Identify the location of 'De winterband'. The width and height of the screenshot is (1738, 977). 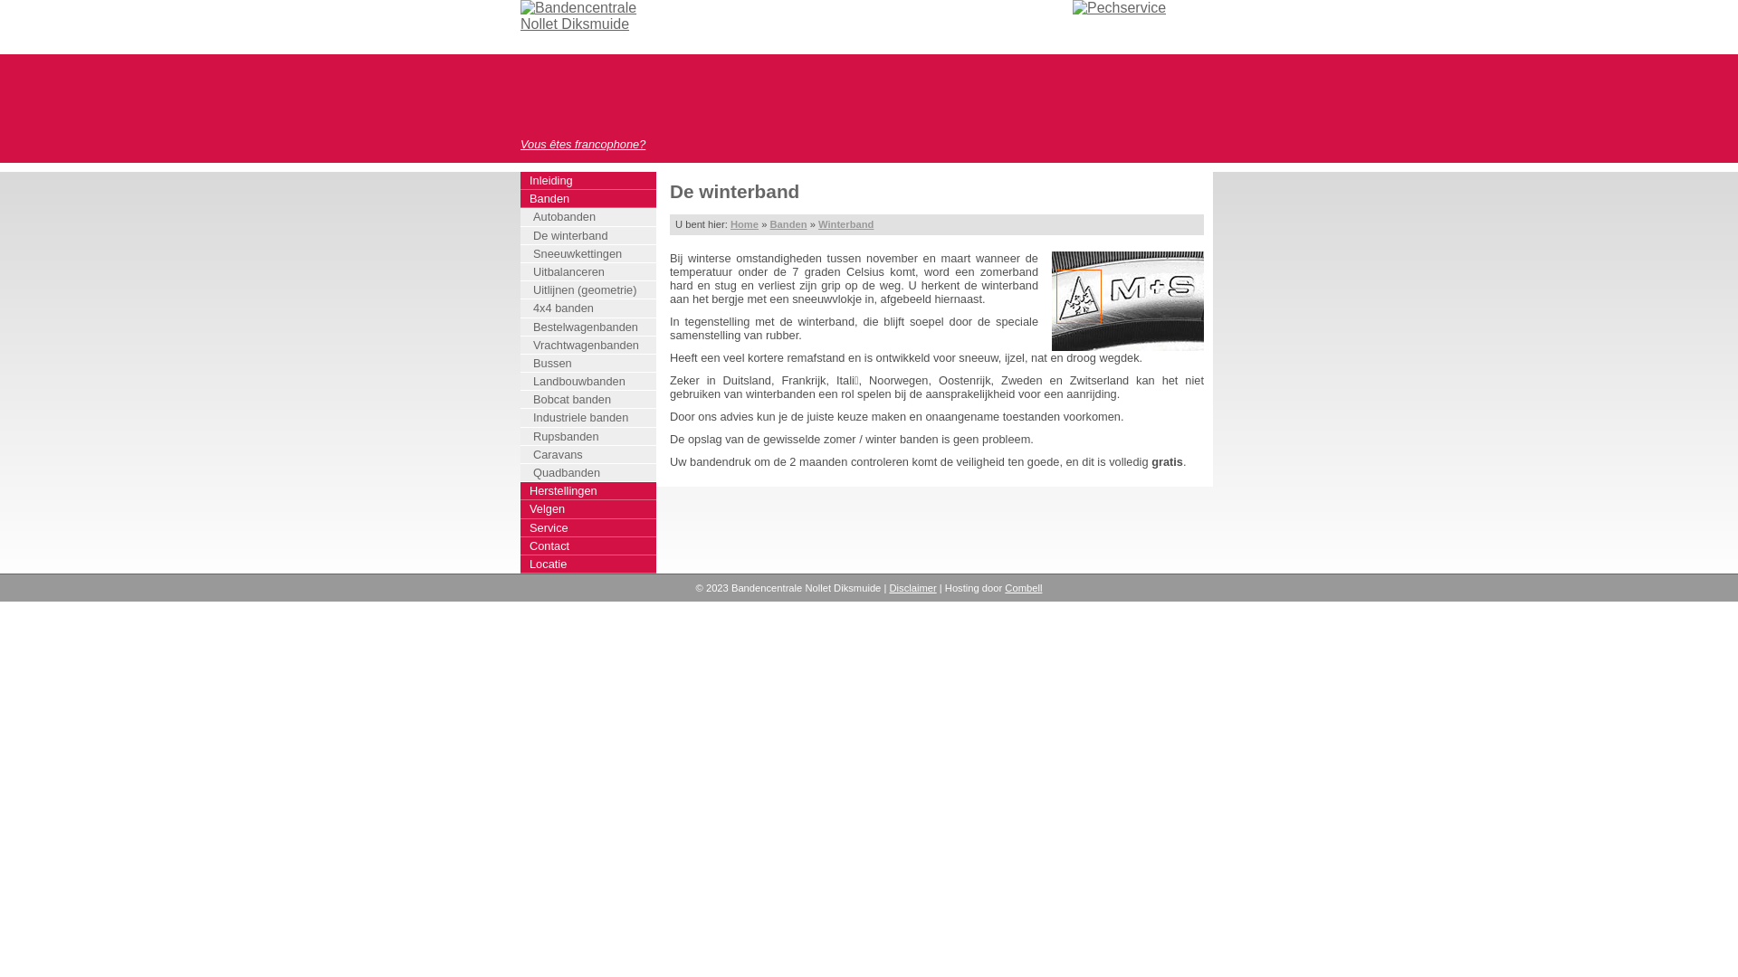
(590, 235).